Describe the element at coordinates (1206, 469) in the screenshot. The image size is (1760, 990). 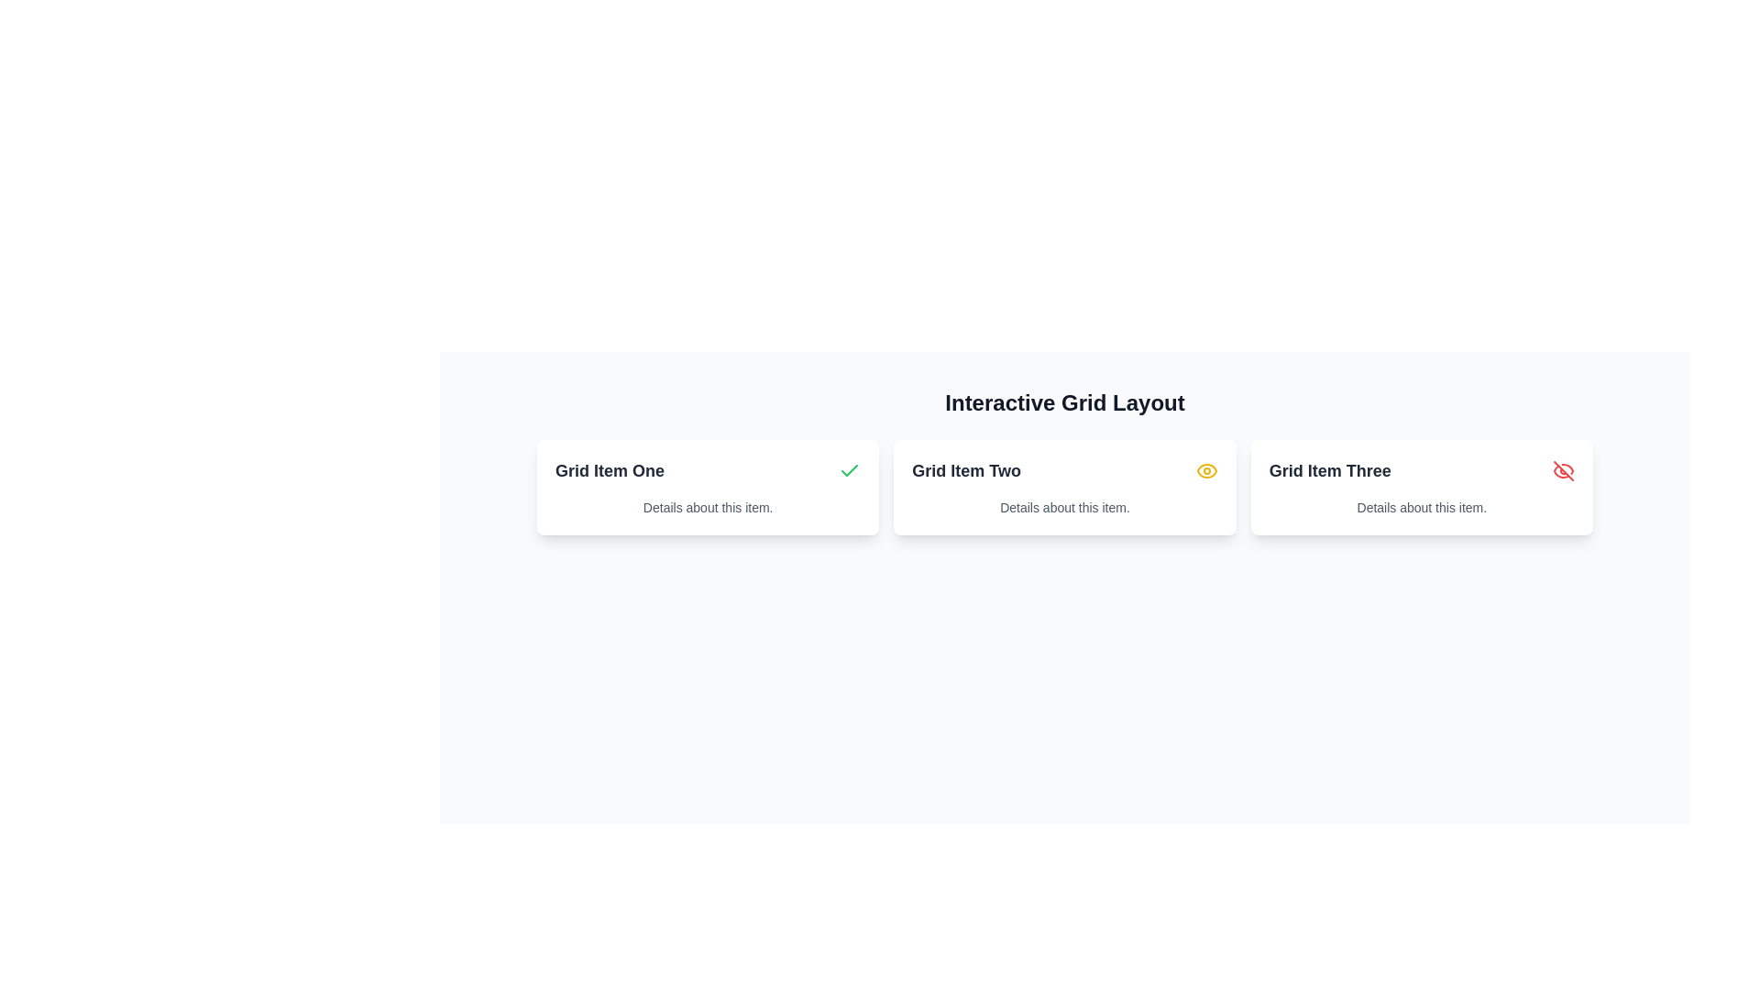
I see `the visibility icon located at the right side of 'Grid Item Two', which is` at that location.